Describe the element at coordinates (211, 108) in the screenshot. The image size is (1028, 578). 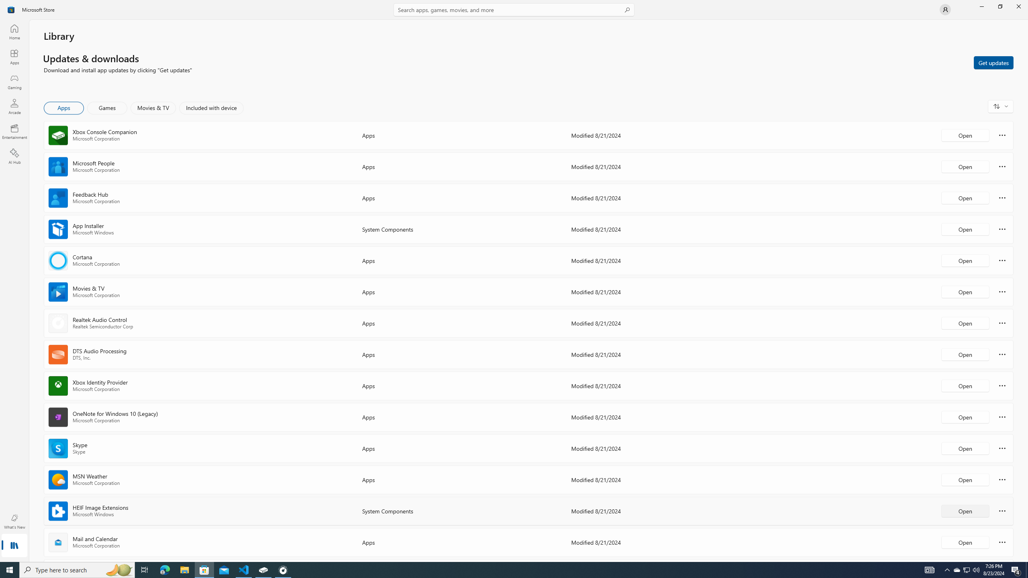
I see `'Included with device'` at that location.